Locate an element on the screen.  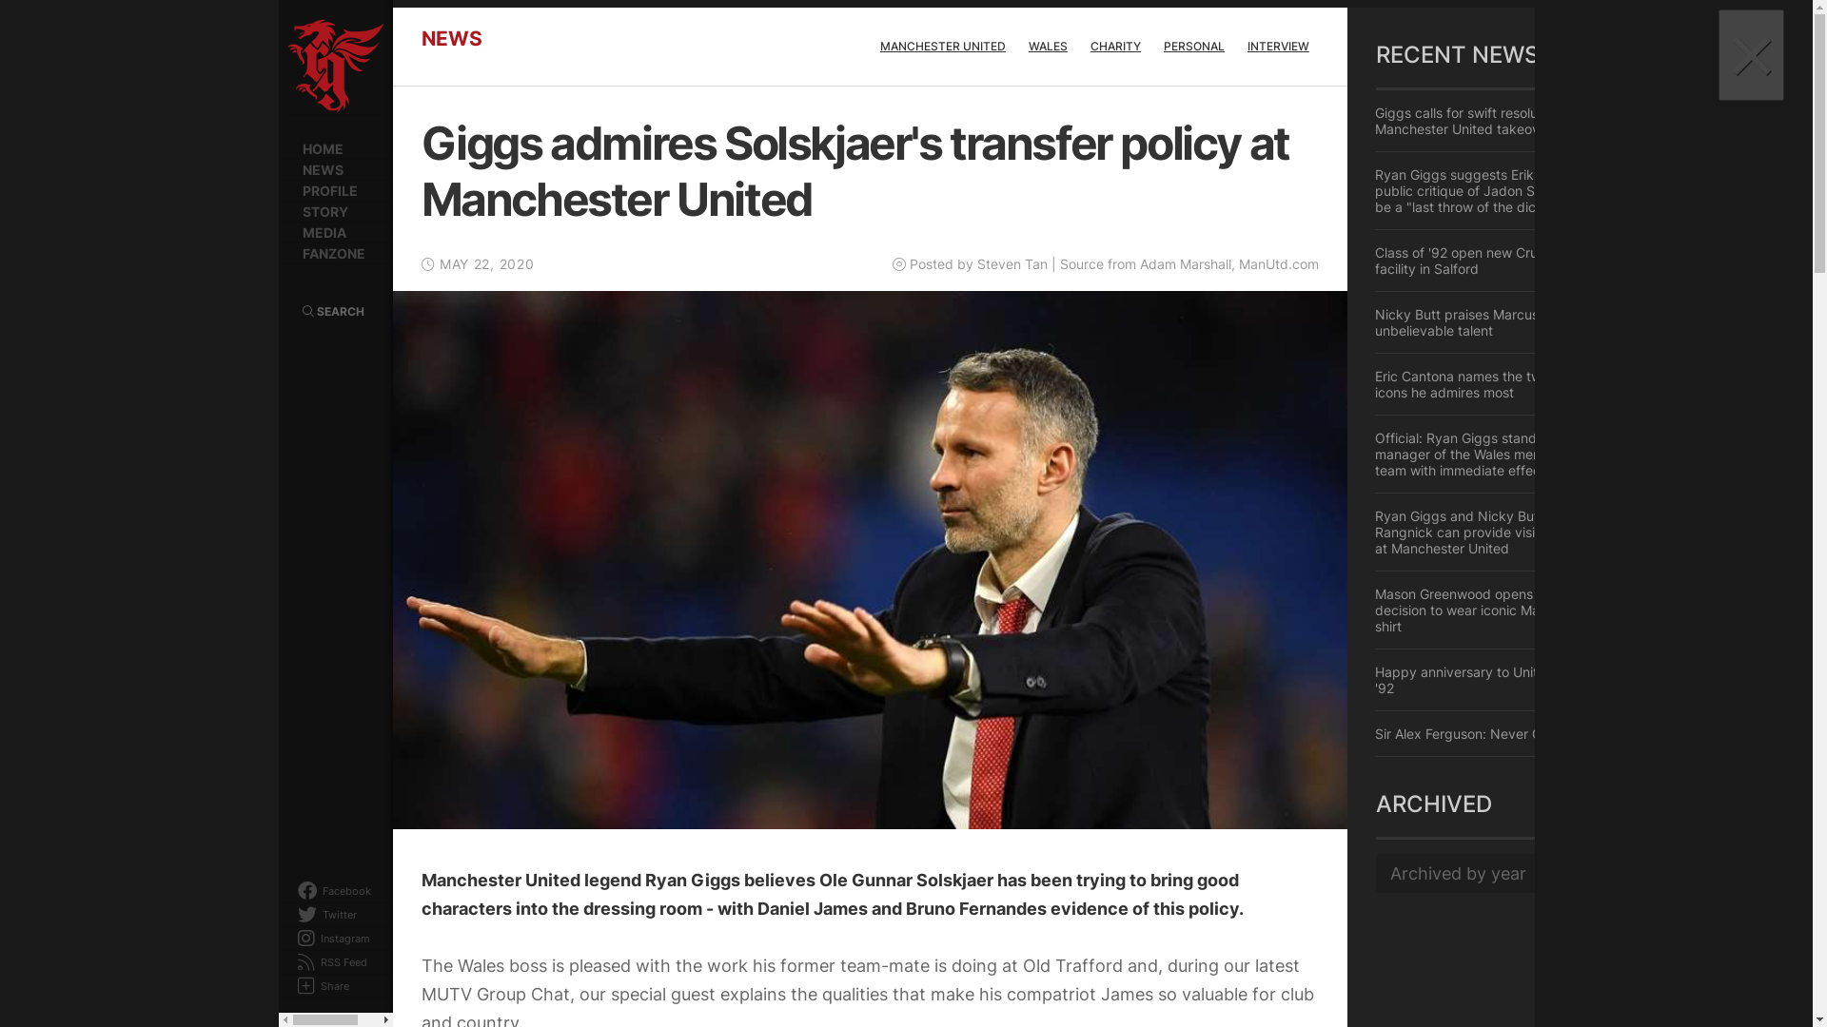
'MEDIA' is located at coordinates (334, 232).